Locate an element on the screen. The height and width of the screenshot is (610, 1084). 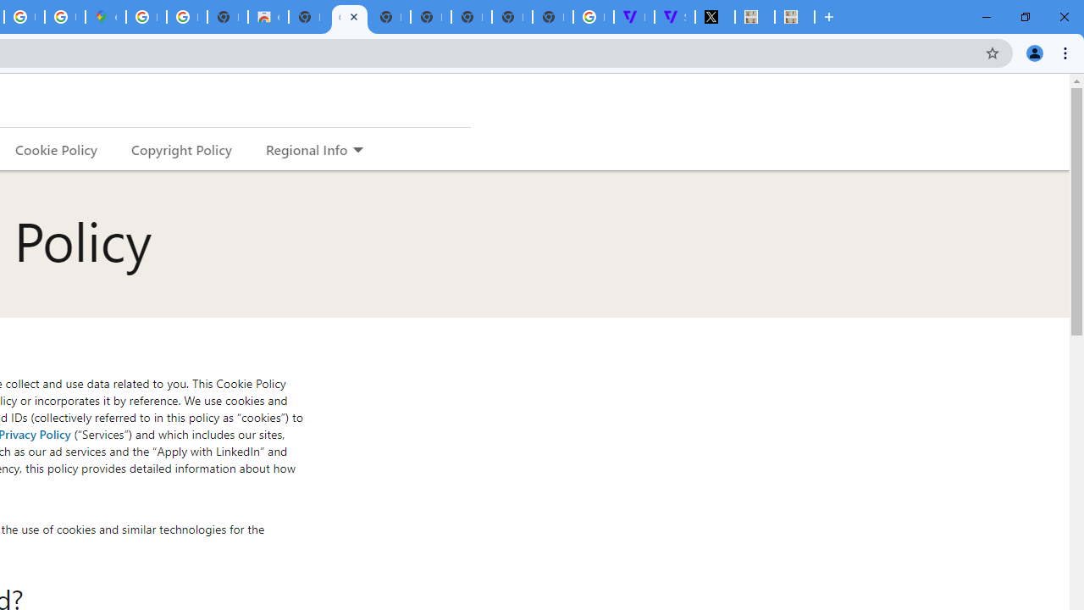
'Chrome Web Store' is located at coordinates (267, 17).